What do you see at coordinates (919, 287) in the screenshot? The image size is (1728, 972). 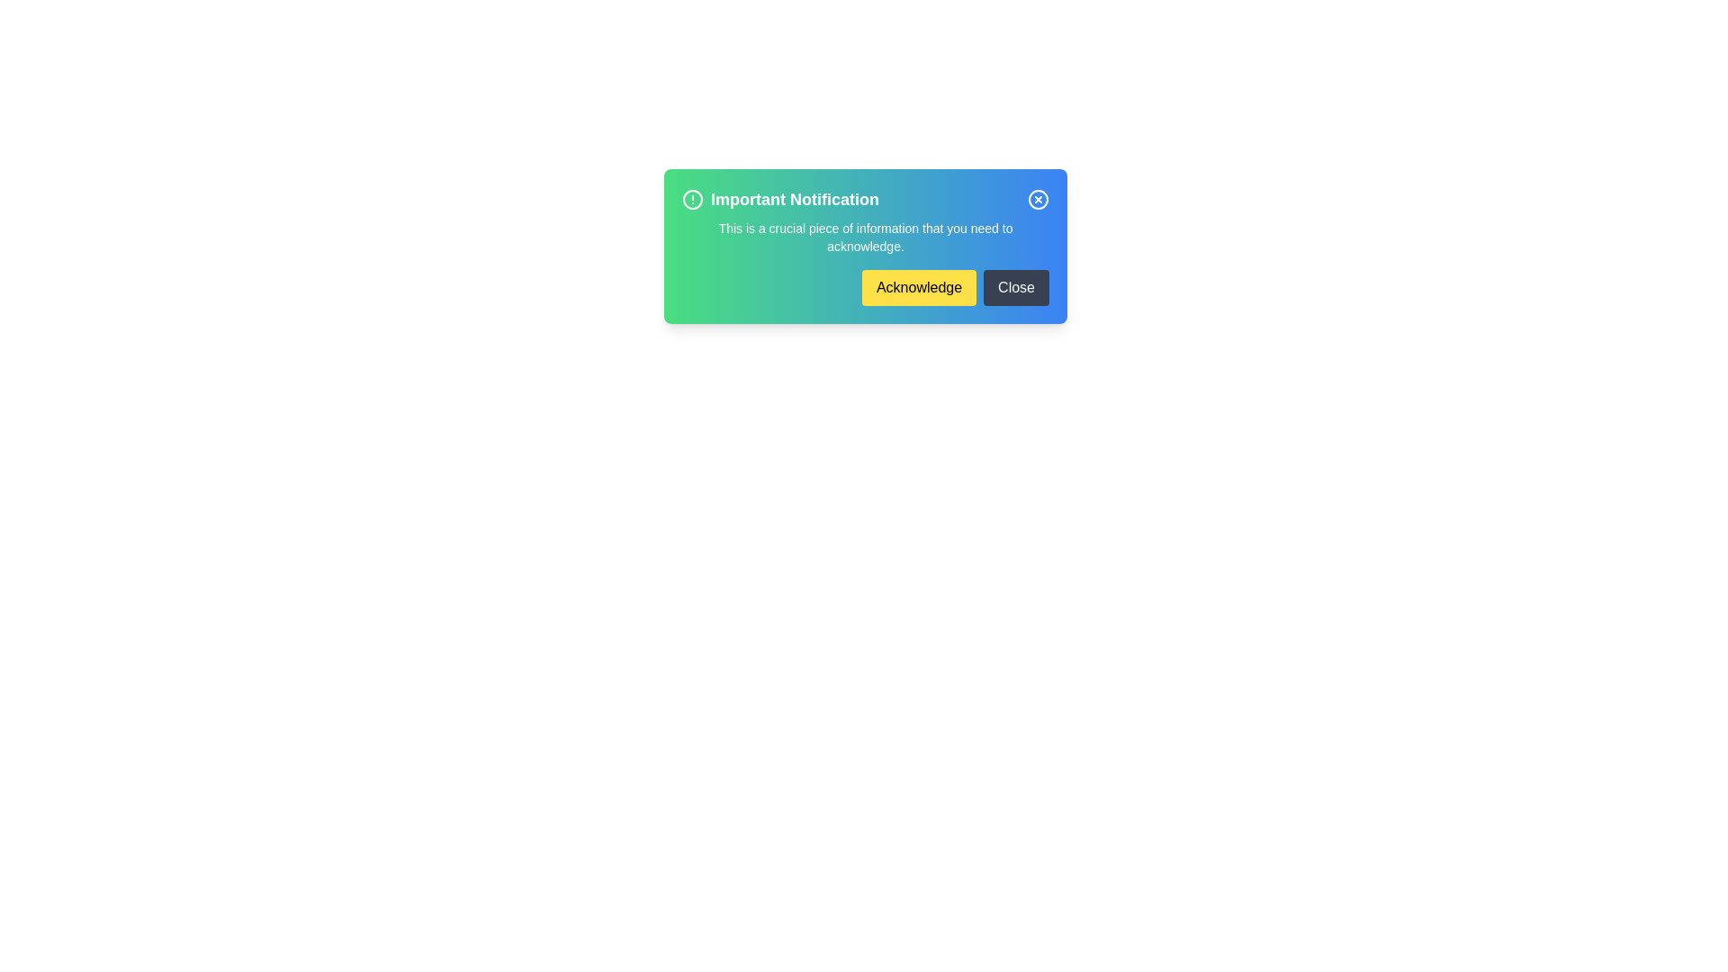 I see `the acknowledgment button located on the left side of the notification dialog box to confirm the user's acknowledgment` at bounding box center [919, 287].